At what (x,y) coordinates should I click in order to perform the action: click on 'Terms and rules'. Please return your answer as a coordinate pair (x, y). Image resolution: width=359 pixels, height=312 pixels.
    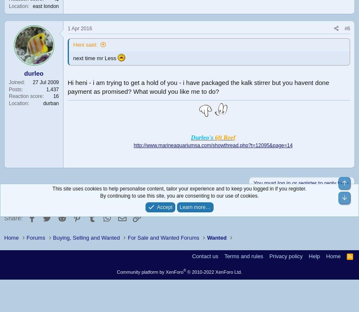
    Looking at the image, I should click on (243, 256).